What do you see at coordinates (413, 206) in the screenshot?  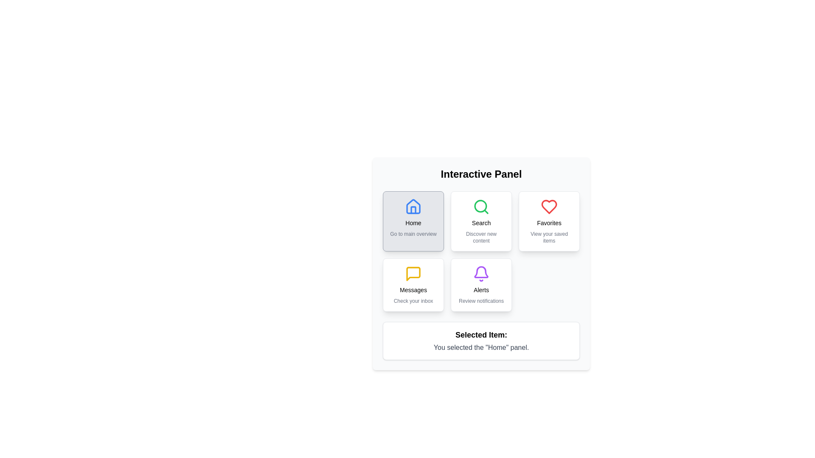 I see `the upper portion of the 'Home' icon, which is located in the top-left corner of the grid layout and represents a 'Home' action` at bounding box center [413, 206].